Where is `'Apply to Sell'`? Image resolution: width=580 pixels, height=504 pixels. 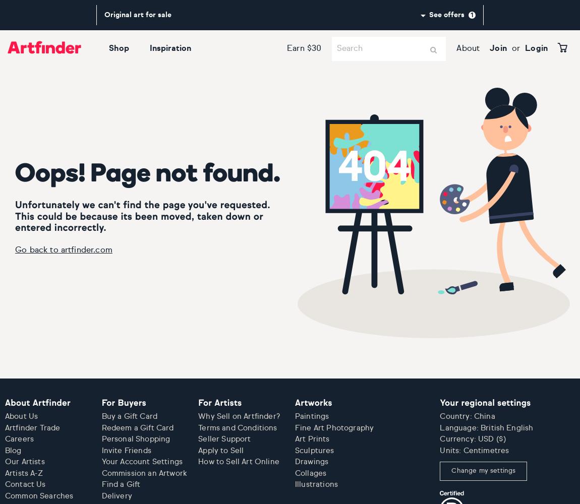 'Apply to Sell' is located at coordinates (221, 450).